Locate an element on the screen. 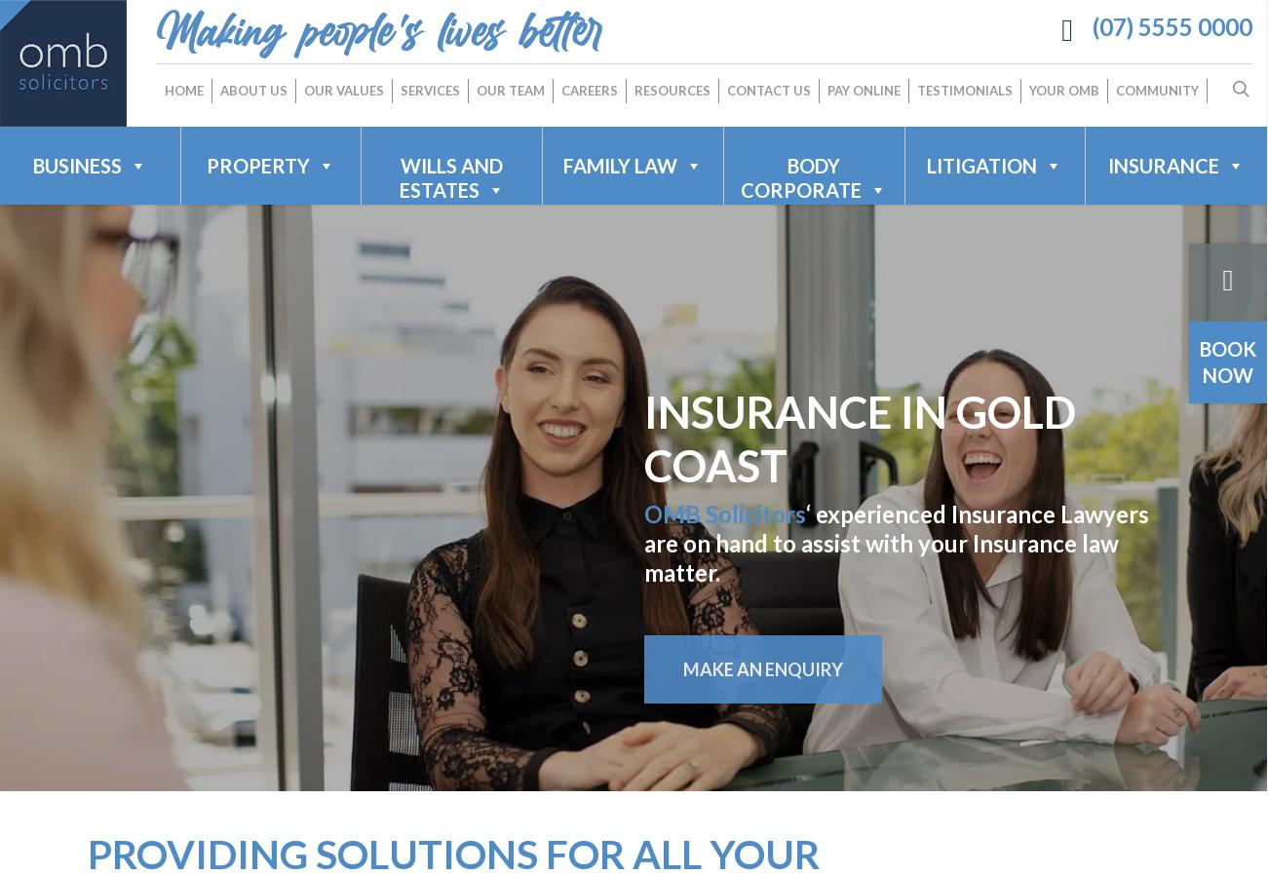 The width and height of the screenshot is (1268, 875). 'CMS & By-Laws' is located at coordinates (645, 309).